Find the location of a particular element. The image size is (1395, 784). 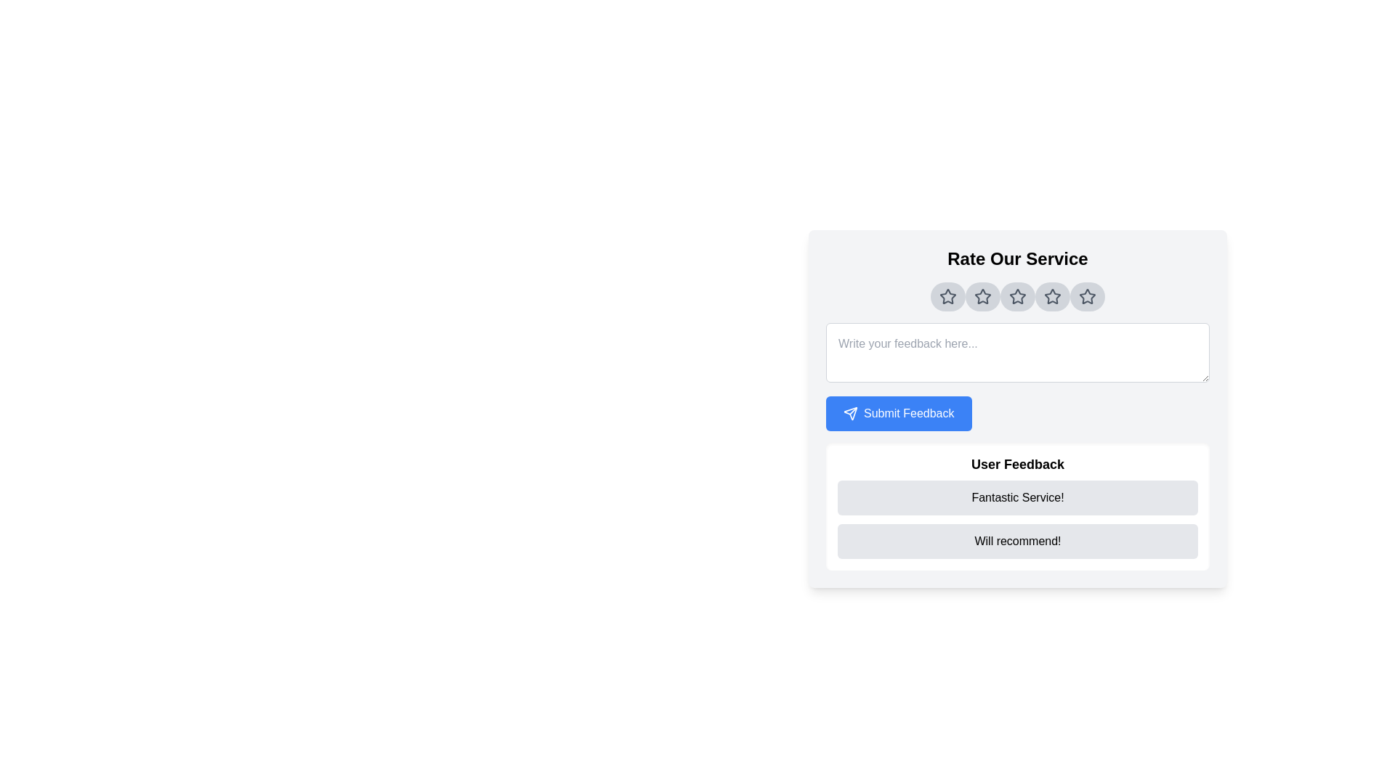

the third star button in the sequence of five, which has a light gray background and a darker gray star icon is located at coordinates (1017, 295).